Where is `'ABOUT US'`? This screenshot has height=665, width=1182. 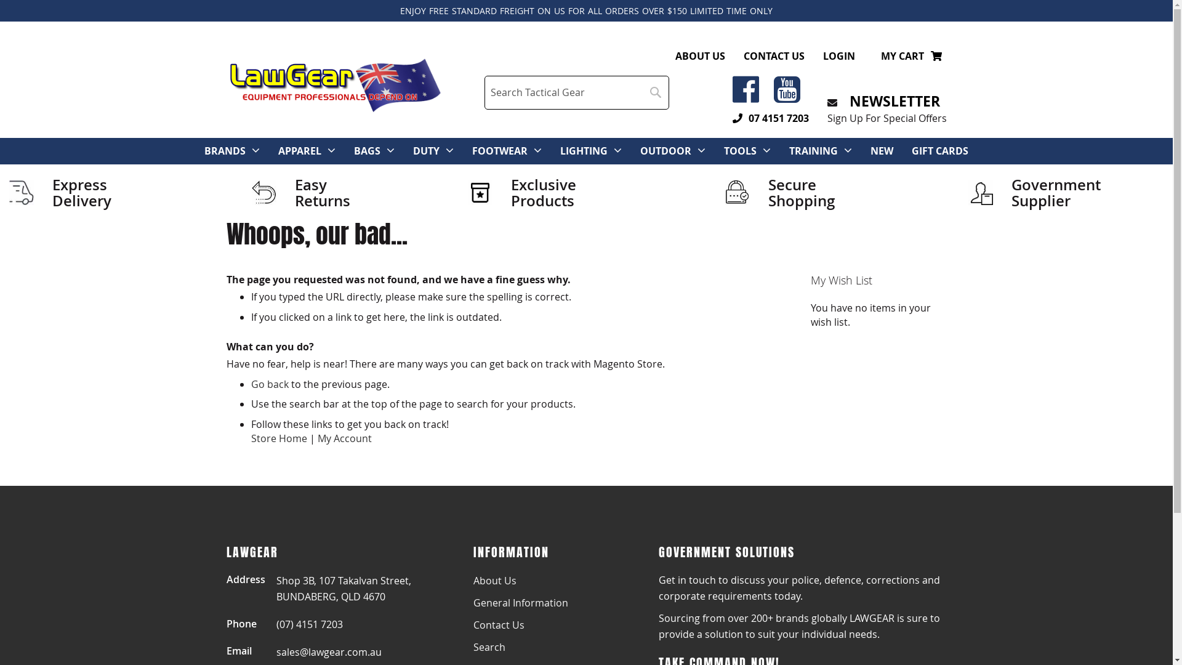
'ABOUT US' is located at coordinates (699, 56).